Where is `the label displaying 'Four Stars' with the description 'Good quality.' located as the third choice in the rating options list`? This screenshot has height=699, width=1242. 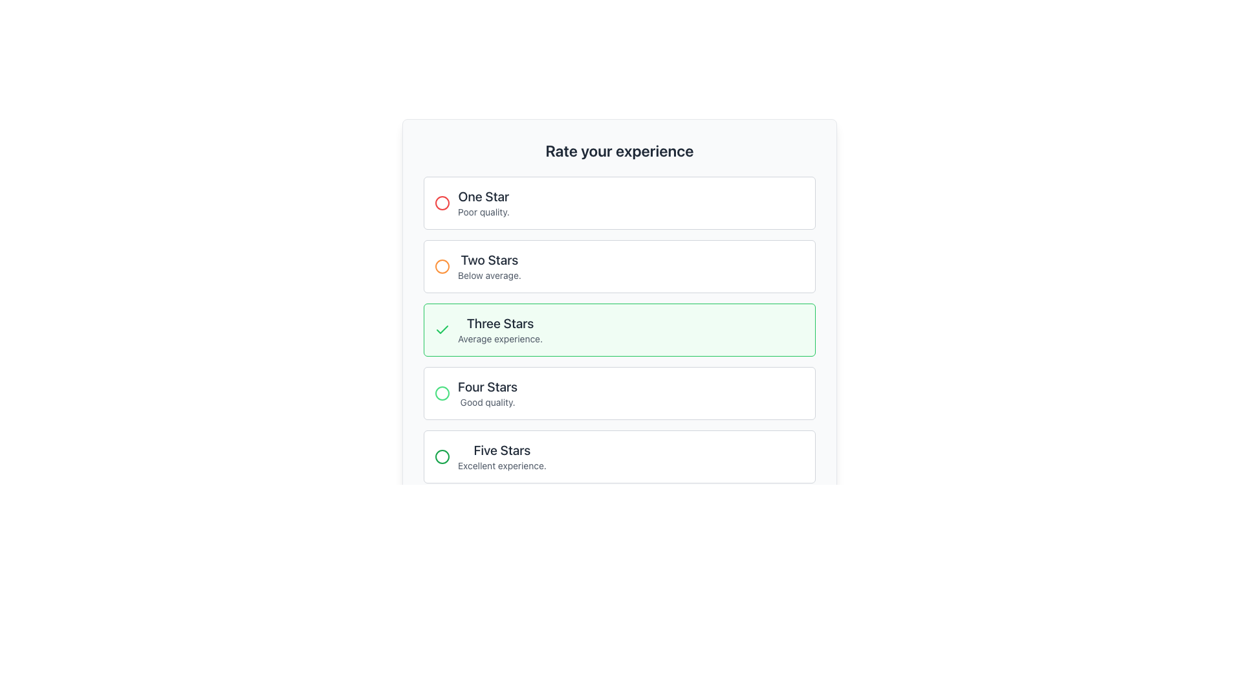 the label displaying 'Four Stars' with the description 'Good quality.' located as the third choice in the rating options list is located at coordinates (486, 393).